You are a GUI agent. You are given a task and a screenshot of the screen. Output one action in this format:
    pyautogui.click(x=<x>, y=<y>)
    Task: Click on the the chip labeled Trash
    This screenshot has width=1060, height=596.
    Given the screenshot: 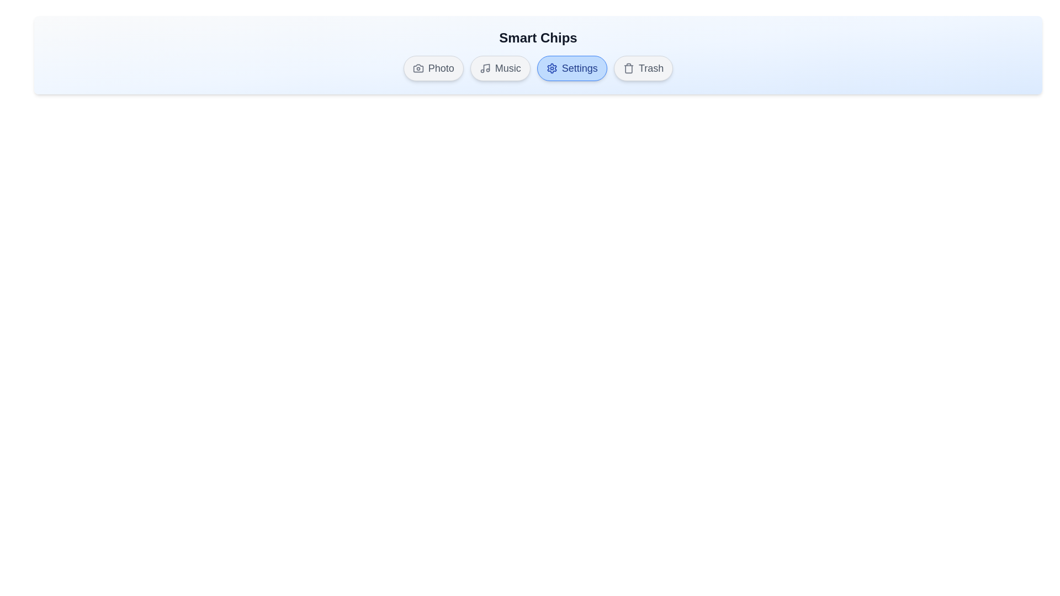 What is the action you would take?
    pyautogui.click(x=643, y=68)
    